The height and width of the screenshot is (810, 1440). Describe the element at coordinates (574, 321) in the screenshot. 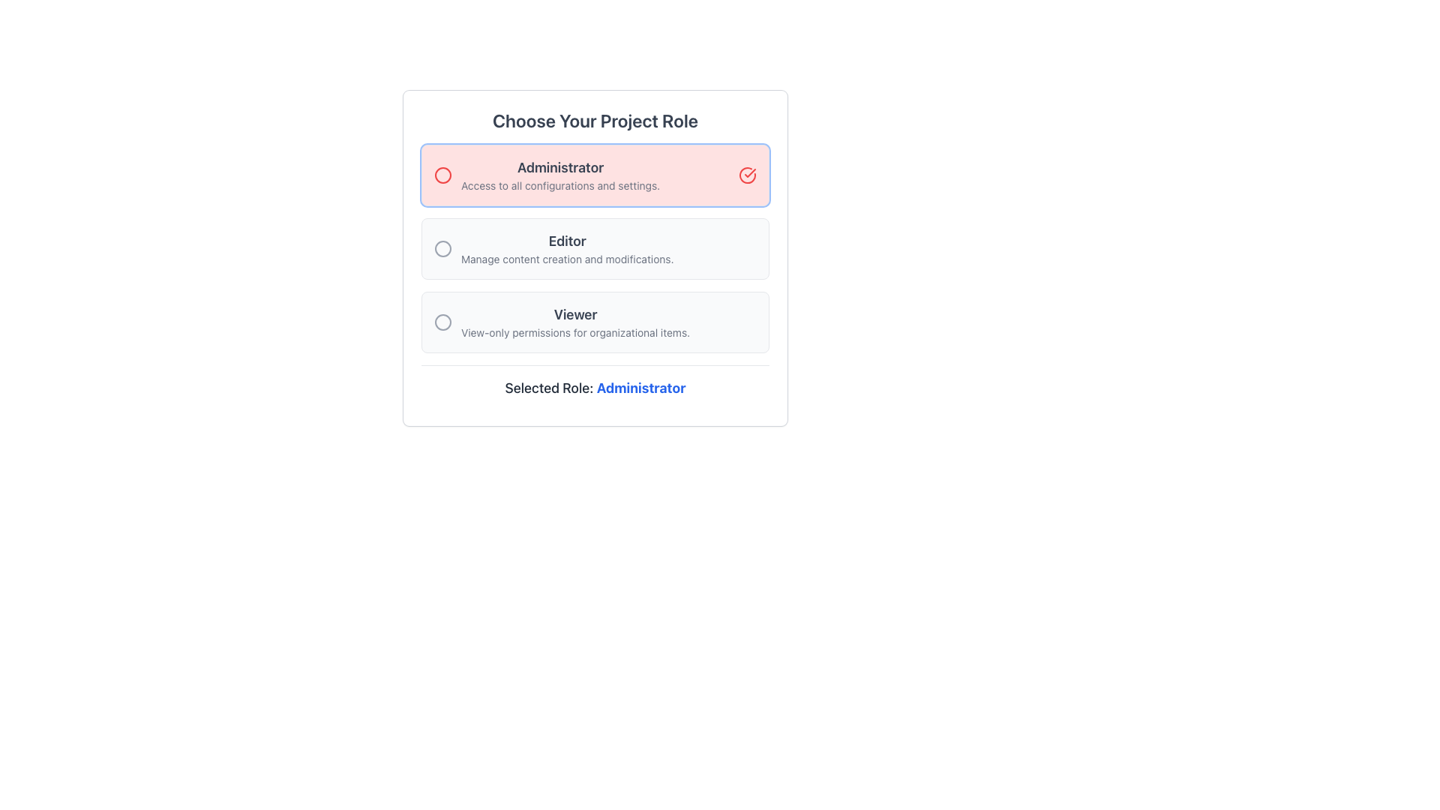

I see `description text for the 'Viewer' role located below the 'Editor' option and above the 'Selected Role' display in the project permissions selection list` at that location.